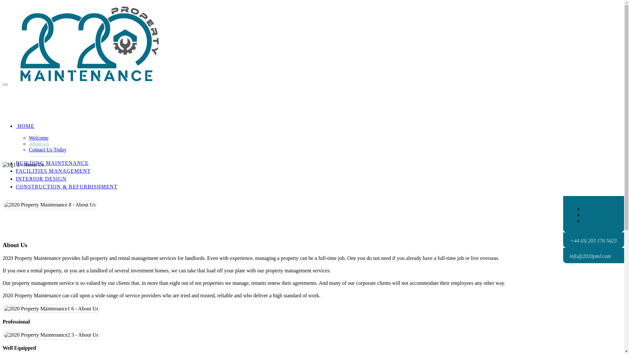 The image size is (629, 354). What do you see at coordinates (49, 204) in the screenshot?
I see `'About Us'` at bounding box center [49, 204].